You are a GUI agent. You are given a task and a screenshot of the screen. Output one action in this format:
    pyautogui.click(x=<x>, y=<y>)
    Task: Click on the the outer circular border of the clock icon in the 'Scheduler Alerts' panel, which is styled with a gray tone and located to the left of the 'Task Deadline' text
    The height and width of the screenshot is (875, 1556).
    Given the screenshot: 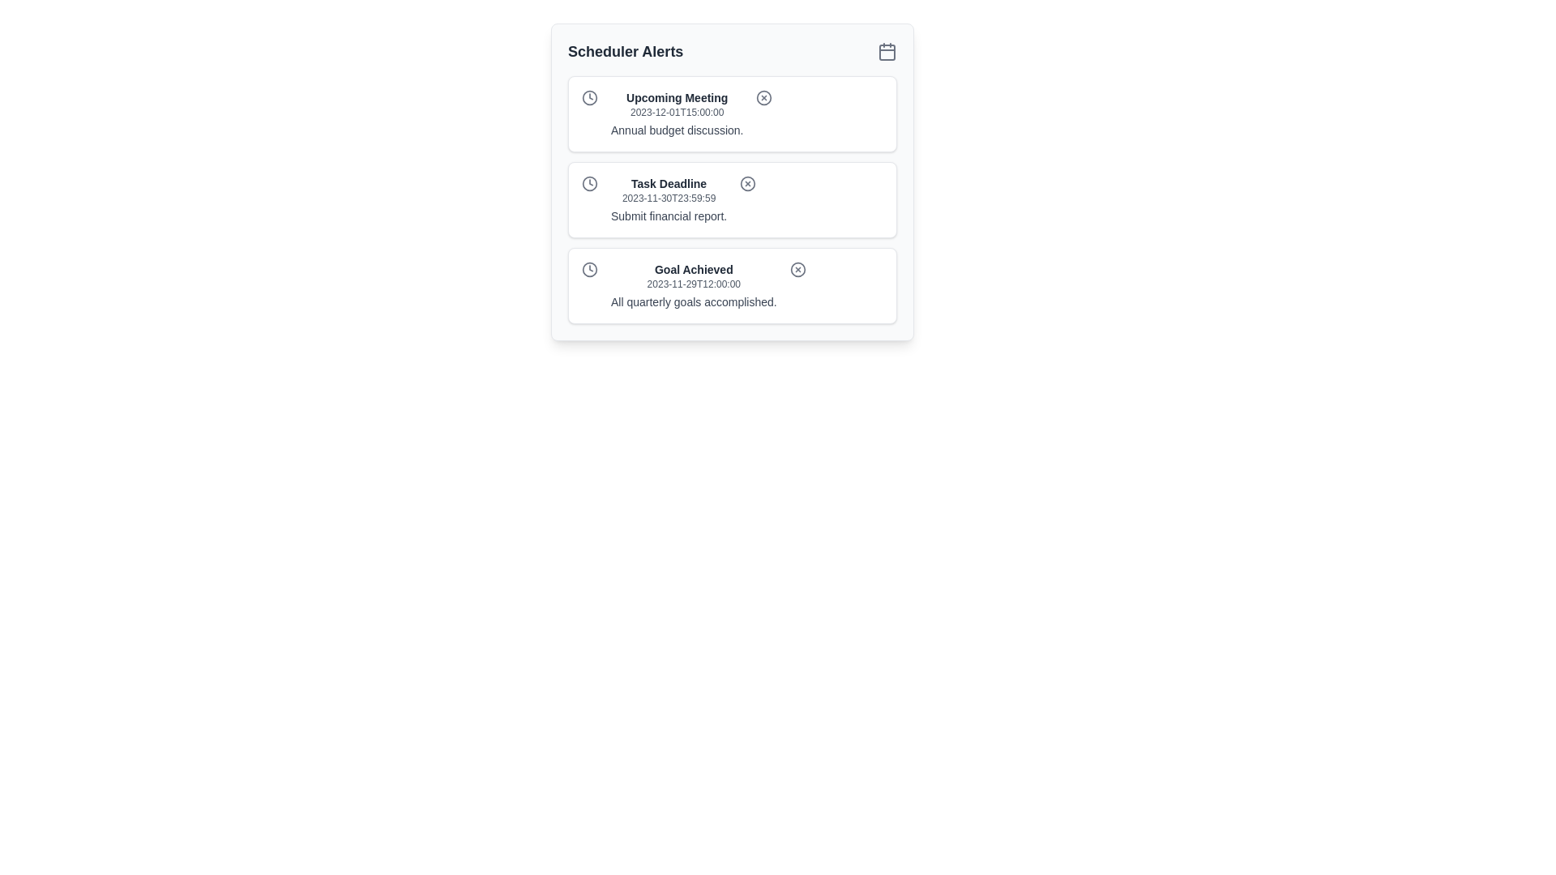 What is the action you would take?
    pyautogui.click(x=589, y=183)
    